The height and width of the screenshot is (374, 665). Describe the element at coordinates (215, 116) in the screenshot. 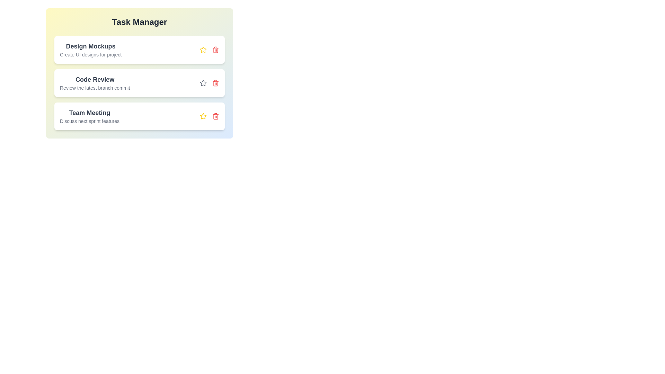

I see `the trash icon to delete the task named Team Meeting` at that location.